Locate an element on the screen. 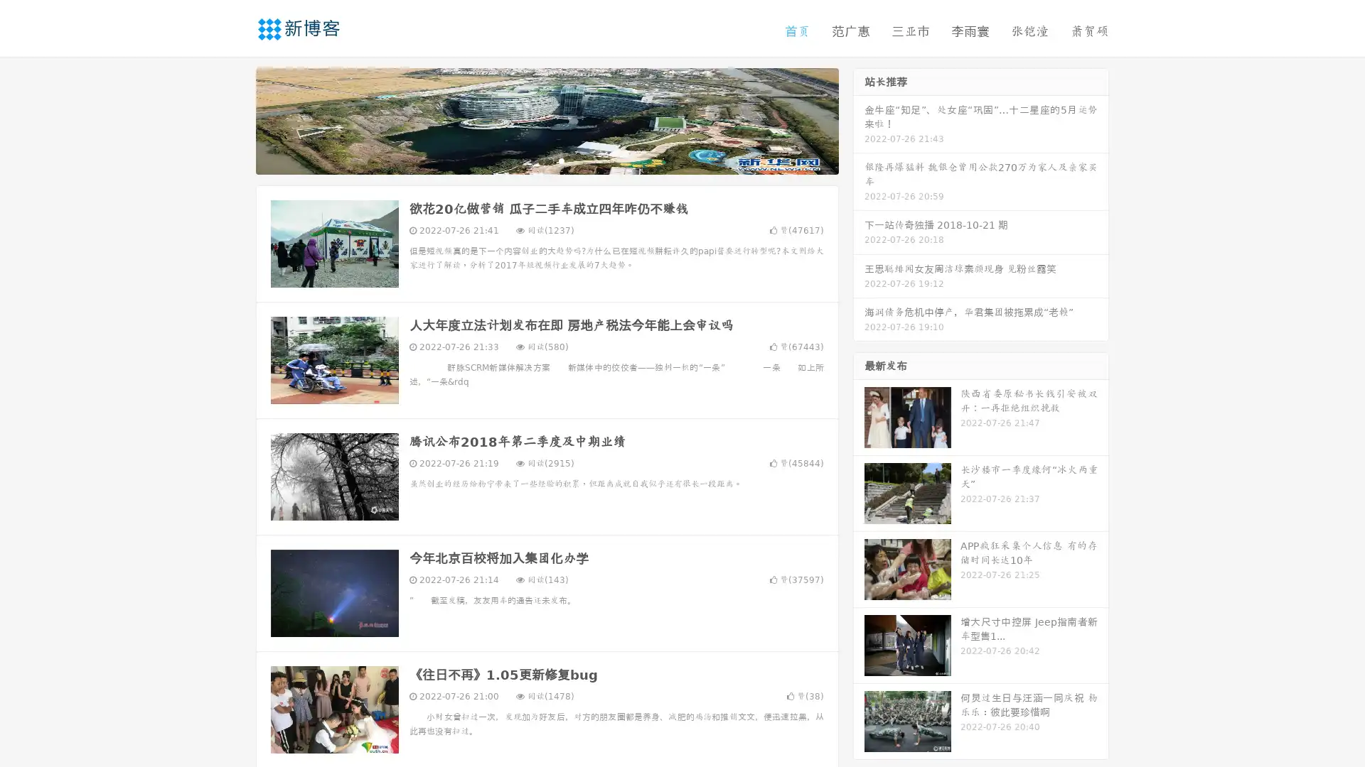 The image size is (1365, 767). Go to slide 1 is located at coordinates (532, 160).